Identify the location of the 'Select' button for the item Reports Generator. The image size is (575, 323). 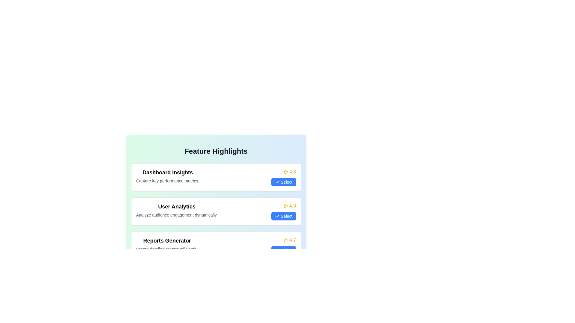
(283, 250).